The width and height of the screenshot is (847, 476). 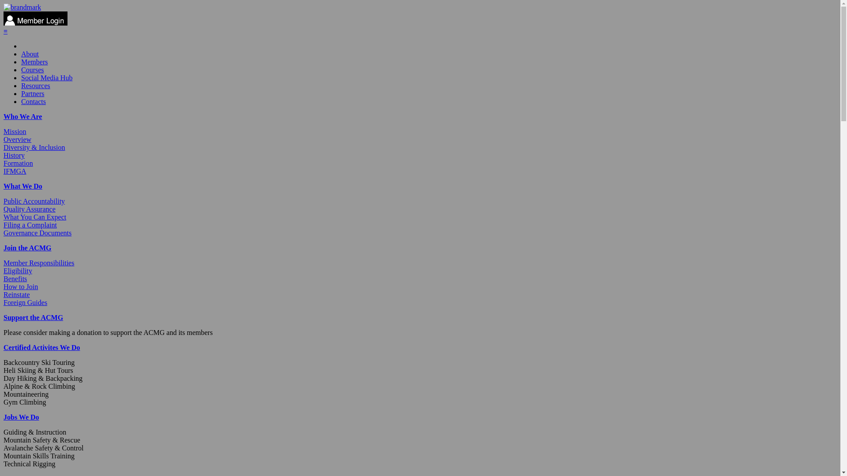 What do you see at coordinates (4, 217) in the screenshot?
I see `'What You Can Expect'` at bounding box center [4, 217].